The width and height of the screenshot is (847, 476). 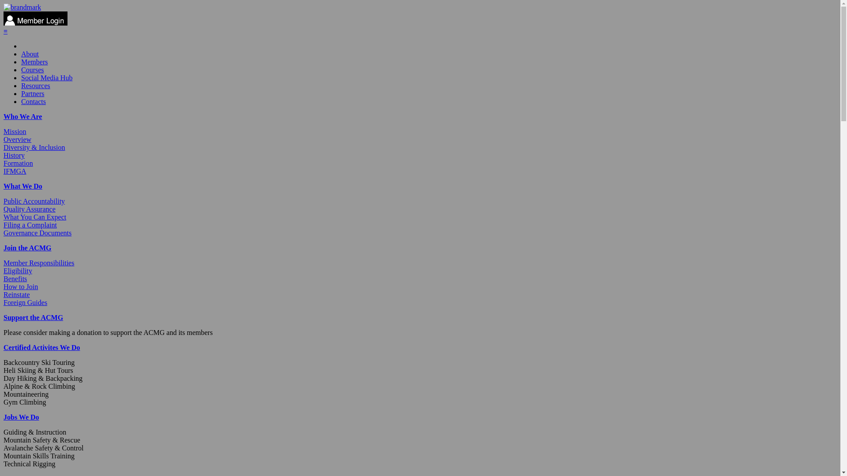 What do you see at coordinates (4, 217) in the screenshot?
I see `'What You Can Expect'` at bounding box center [4, 217].